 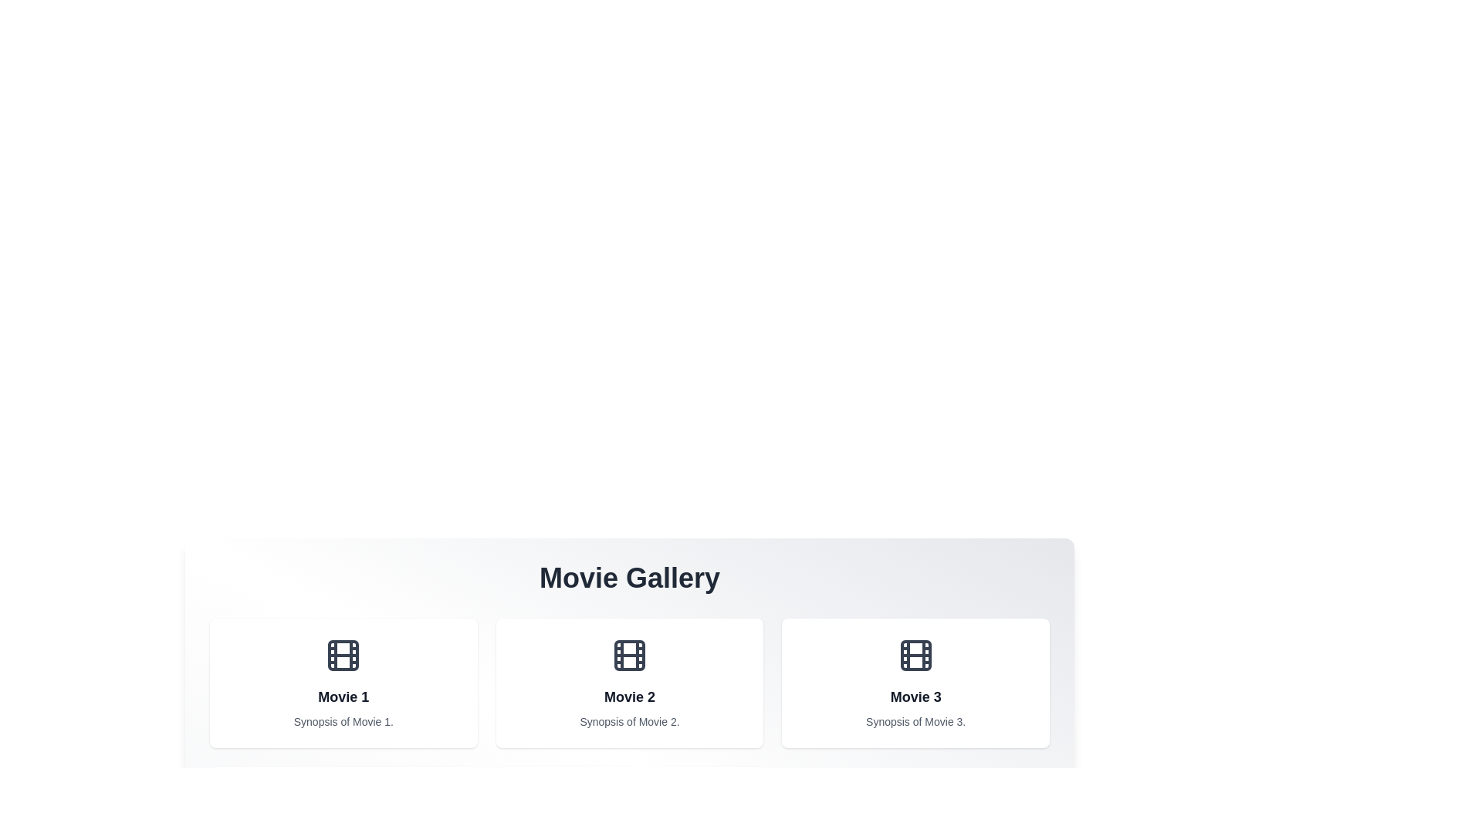 I want to click on the movie icon associated with 'Movie 3' in the Movie Gallery, so click(x=915, y=655).